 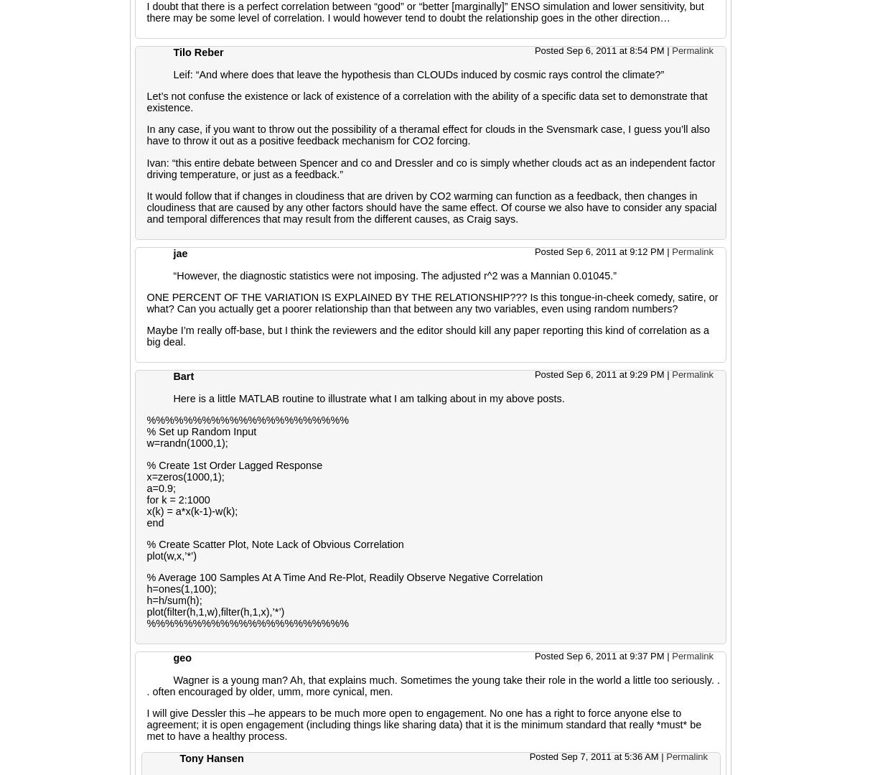 What do you see at coordinates (145, 611) in the screenshot?
I see `'plot(filter(h,1,w),filter(h,1,x),’*’)'` at bounding box center [145, 611].